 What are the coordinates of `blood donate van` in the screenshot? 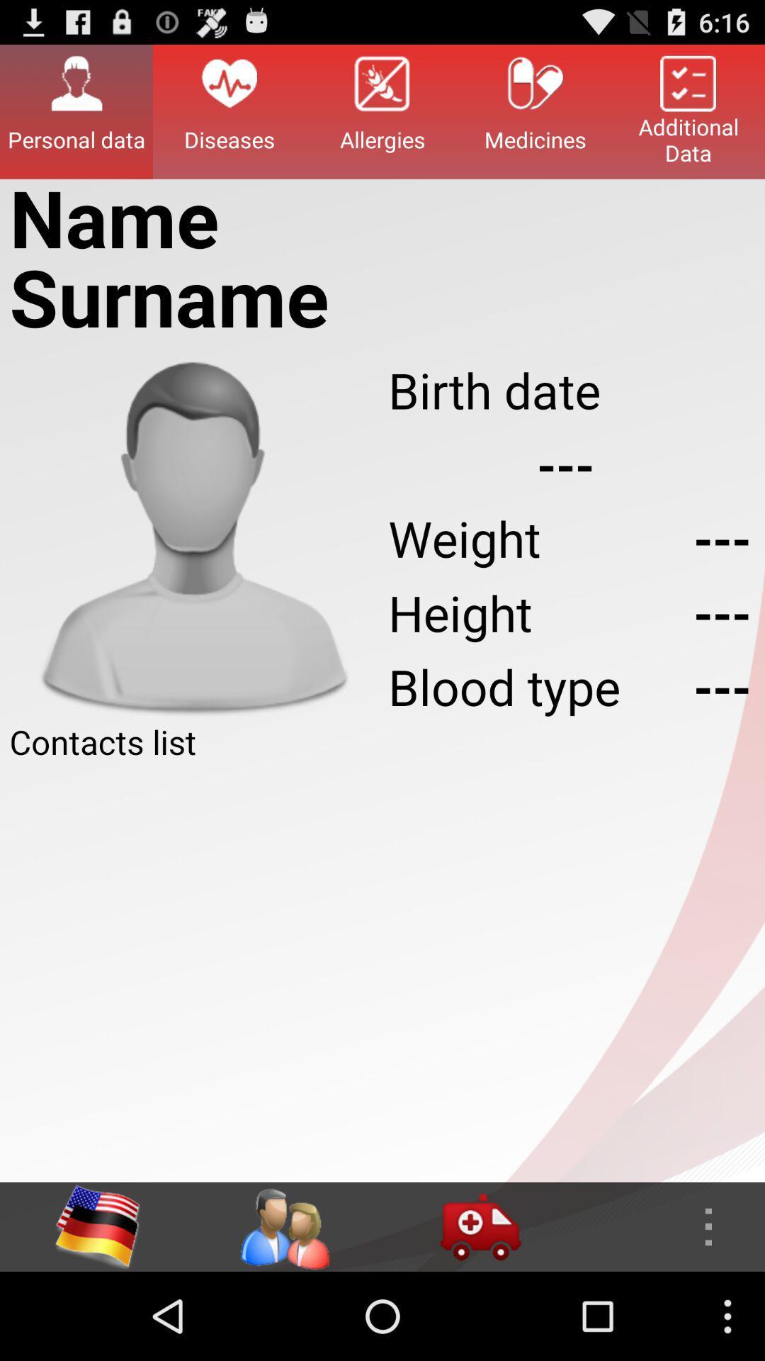 It's located at (480, 1226).